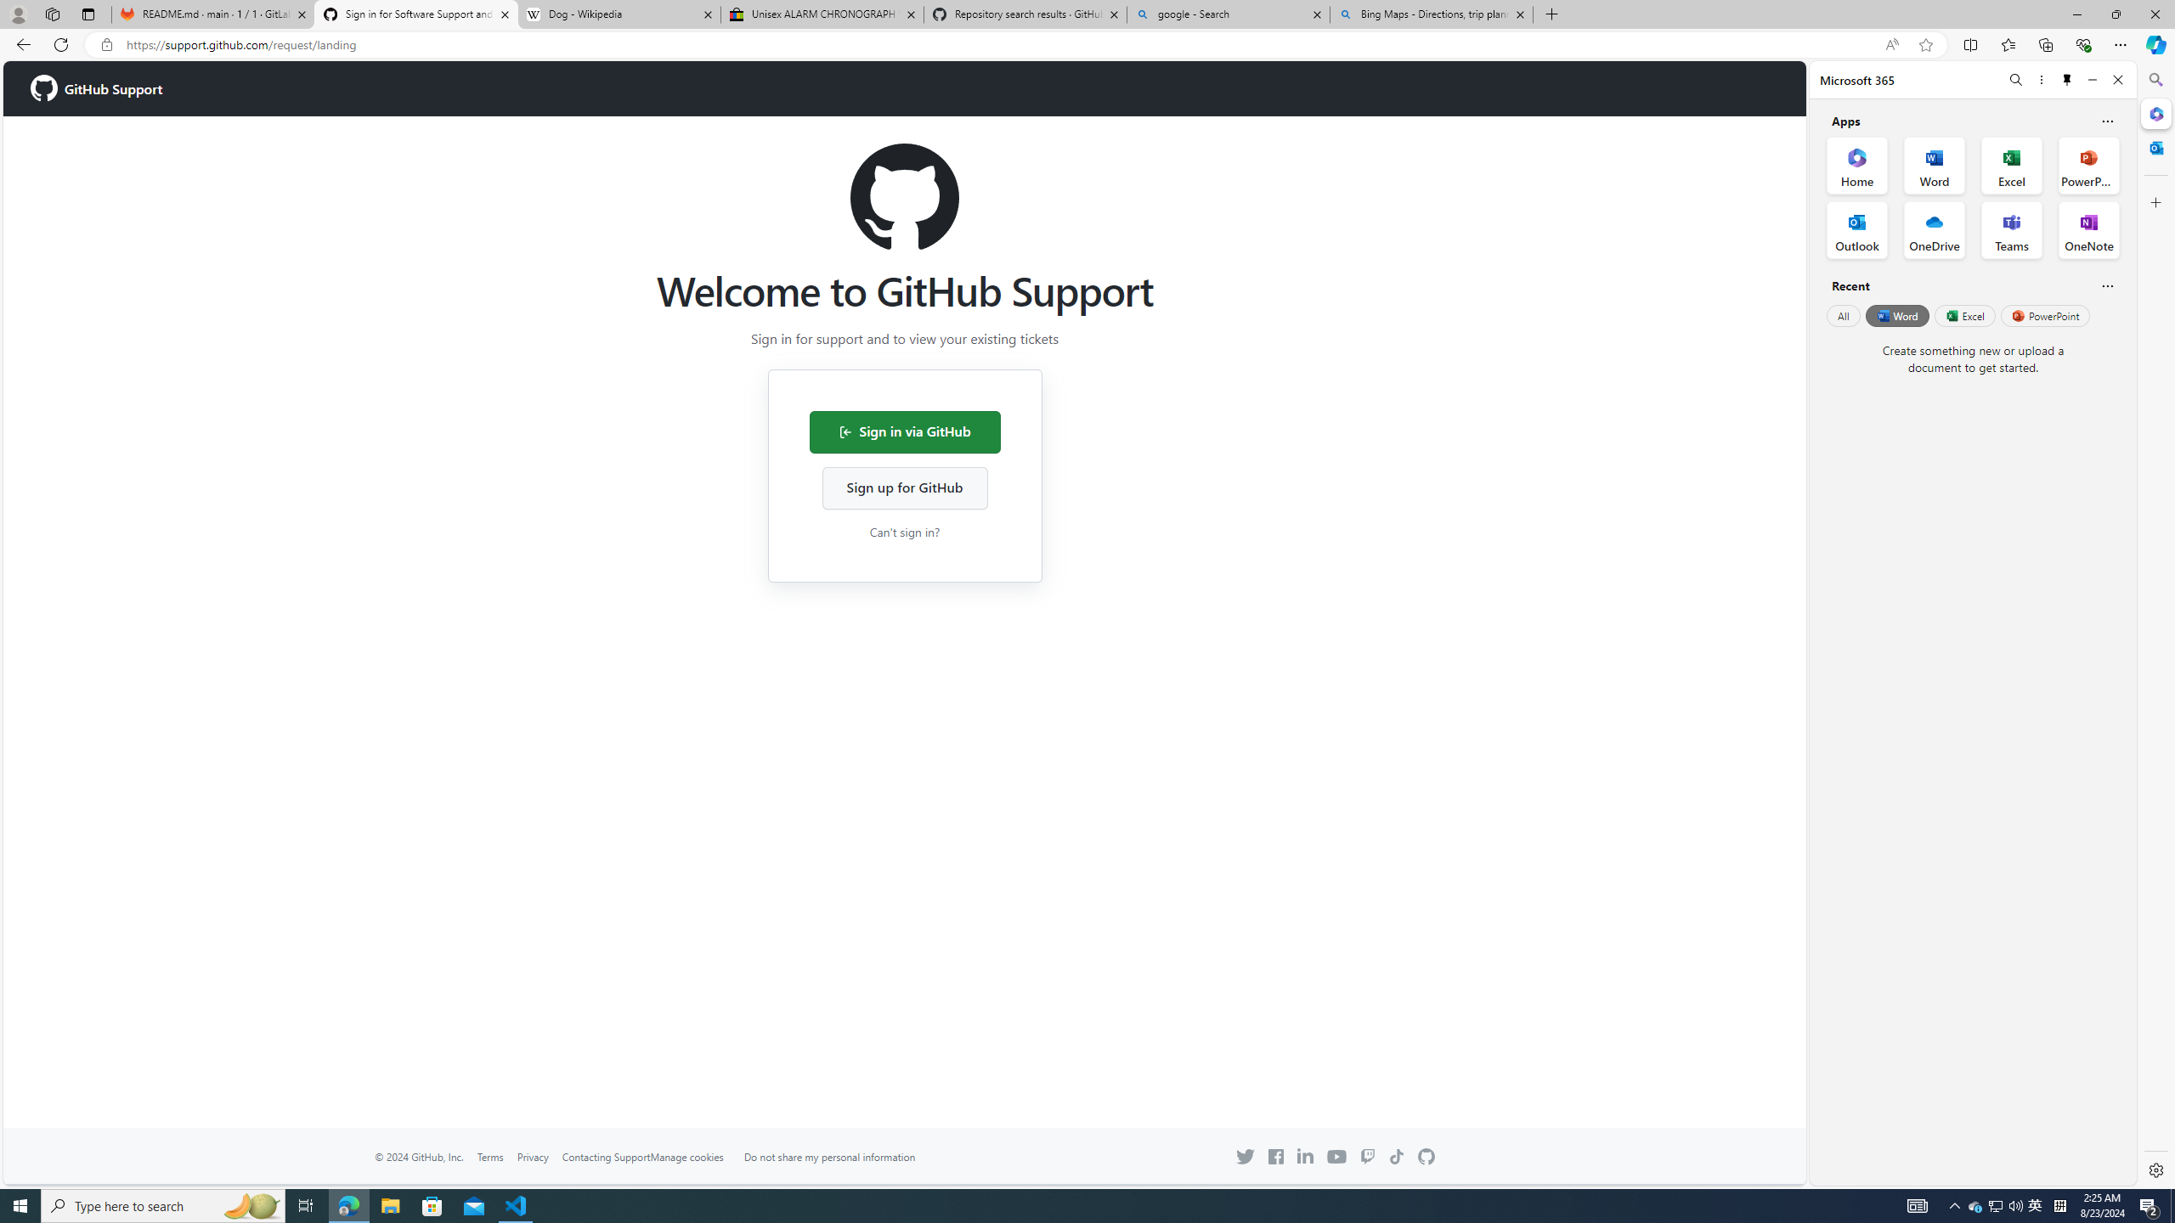 The height and width of the screenshot is (1223, 2175). Describe the element at coordinates (1336, 1155) in the screenshot. I see `'YouTube icon GitHub on YouTube'` at that location.